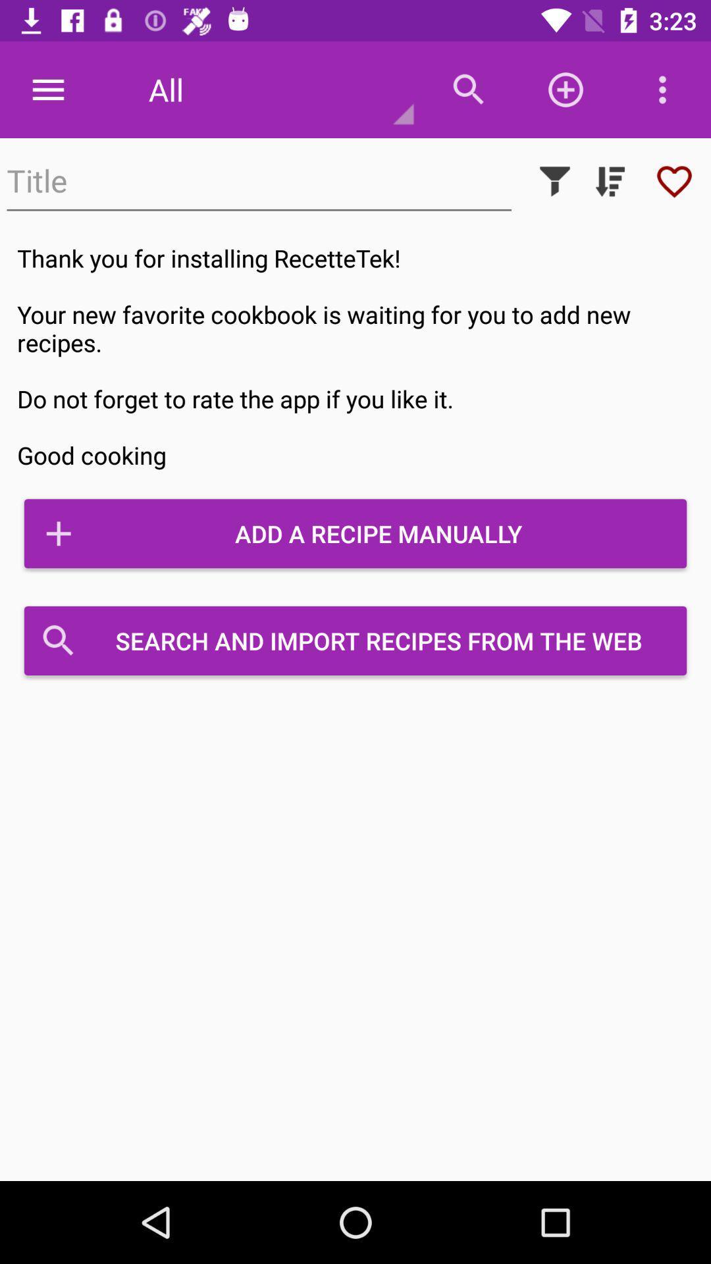  Describe the element at coordinates (555, 180) in the screenshot. I see `the filter icon` at that location.